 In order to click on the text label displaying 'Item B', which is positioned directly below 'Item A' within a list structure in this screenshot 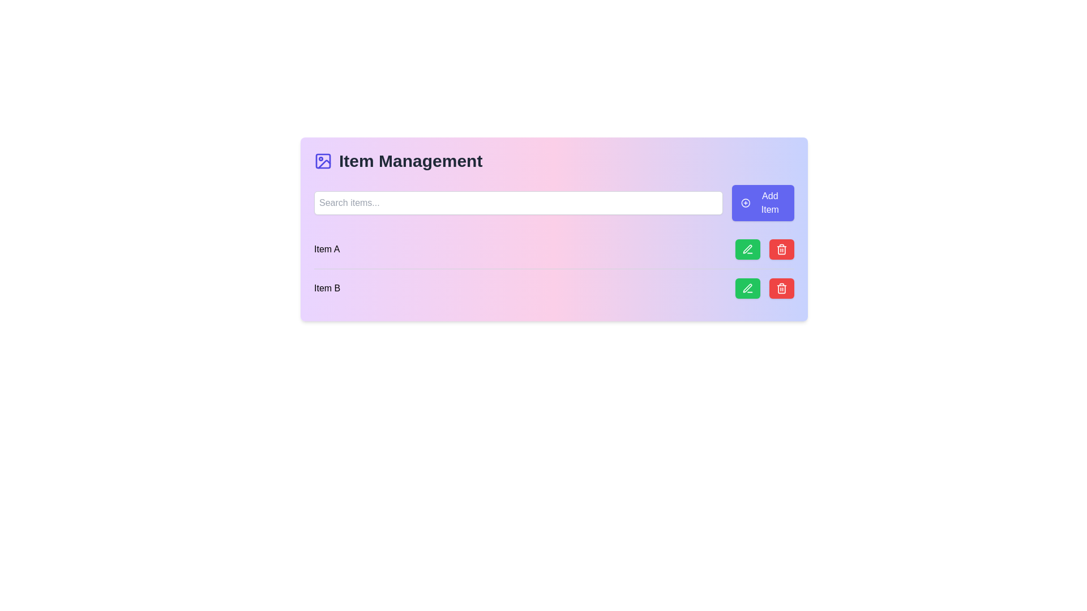, I will do `click(327, 287)`.